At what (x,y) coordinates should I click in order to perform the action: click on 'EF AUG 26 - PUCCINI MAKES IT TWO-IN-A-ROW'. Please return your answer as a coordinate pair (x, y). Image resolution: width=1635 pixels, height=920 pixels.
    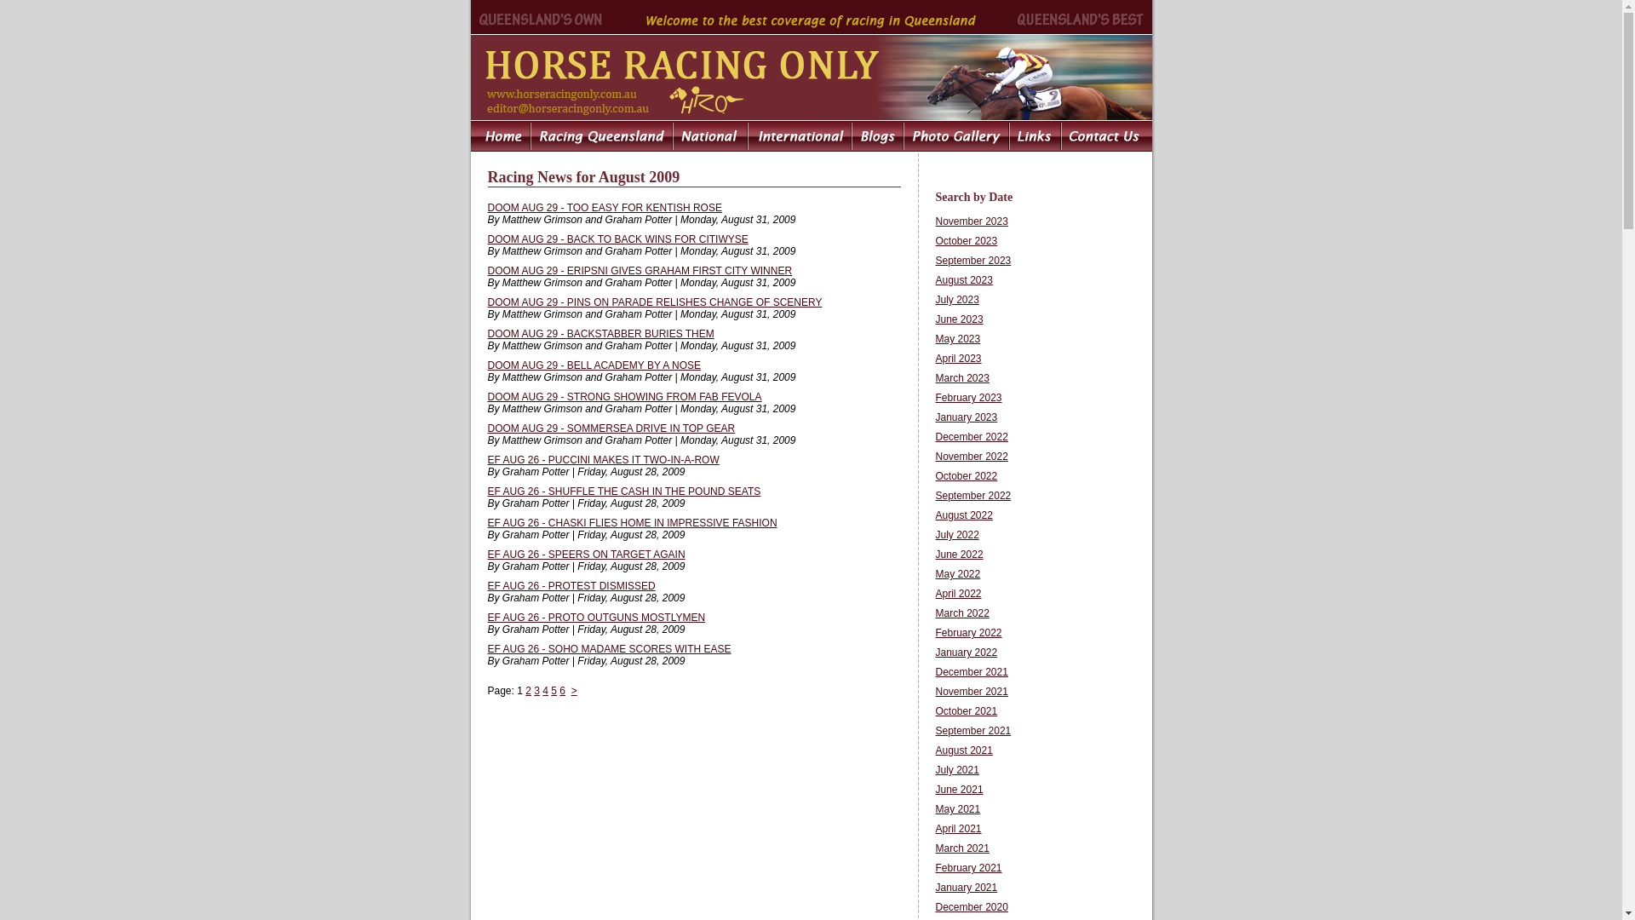
    Looking at the image, I should click on (603, 460).